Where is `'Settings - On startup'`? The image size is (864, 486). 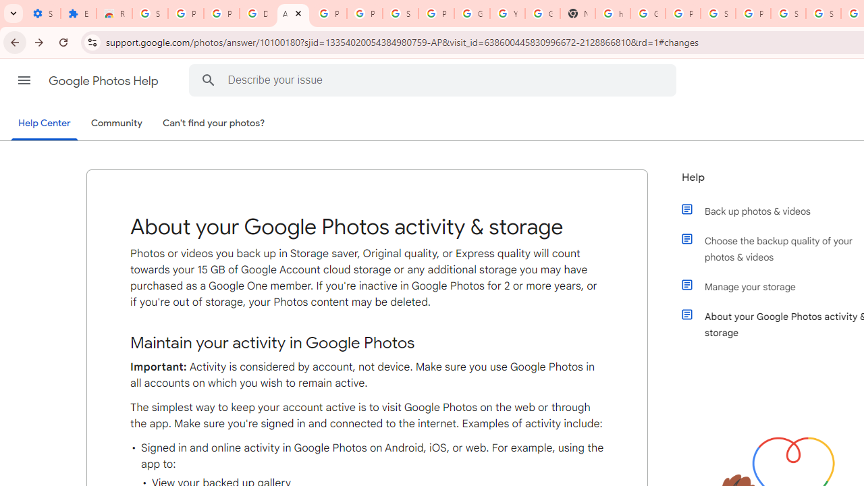
'Settings - On startup' is located at coordinates (43, 13).